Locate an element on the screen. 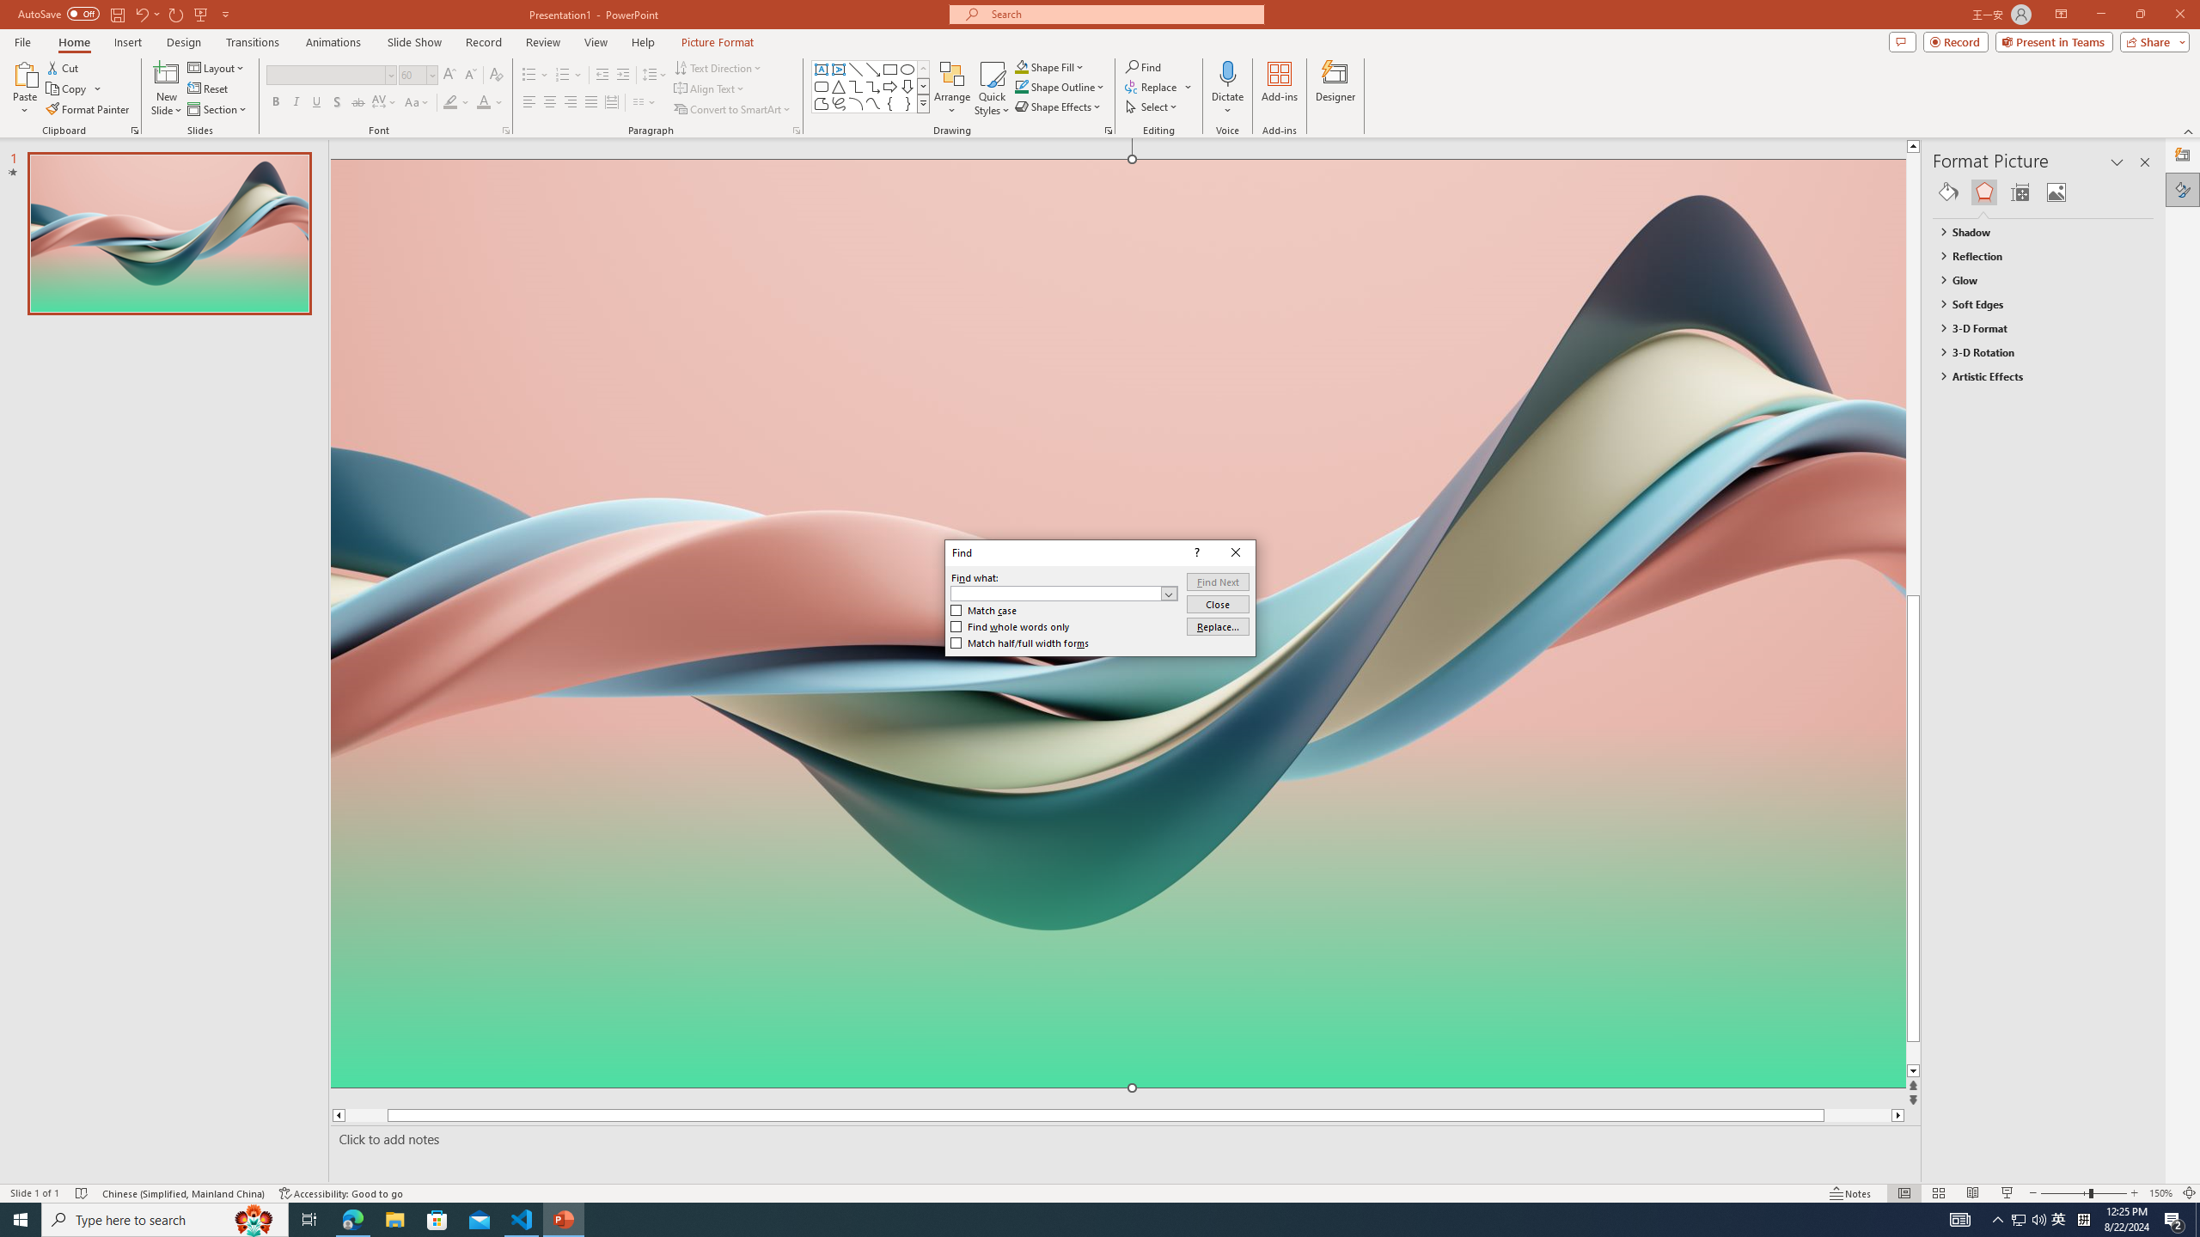 The height and width of the screenshot is (1237, 2200). 'Distributed' is located at coordinates (610, 101).